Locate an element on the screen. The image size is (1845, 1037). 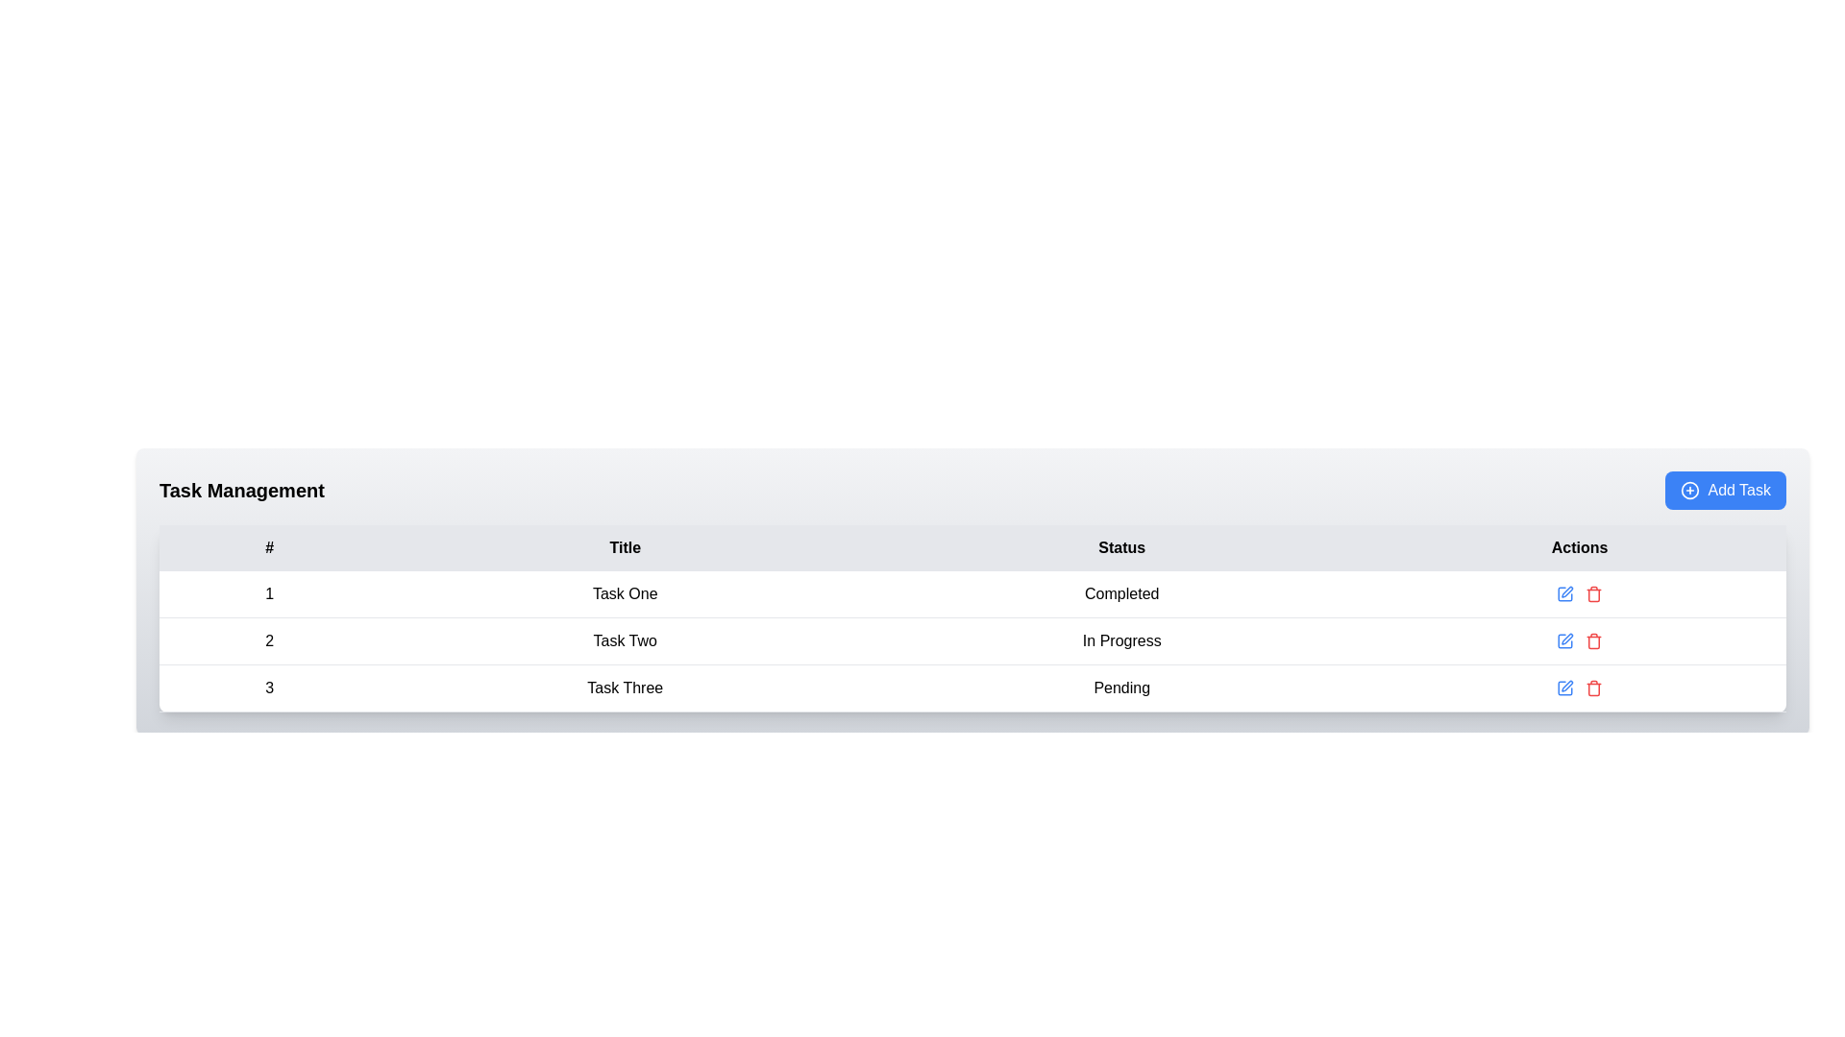
the edit icon located in the Actions column of the Task One row in the table, which has a status of Completed is located at coordinates (1579, 592).